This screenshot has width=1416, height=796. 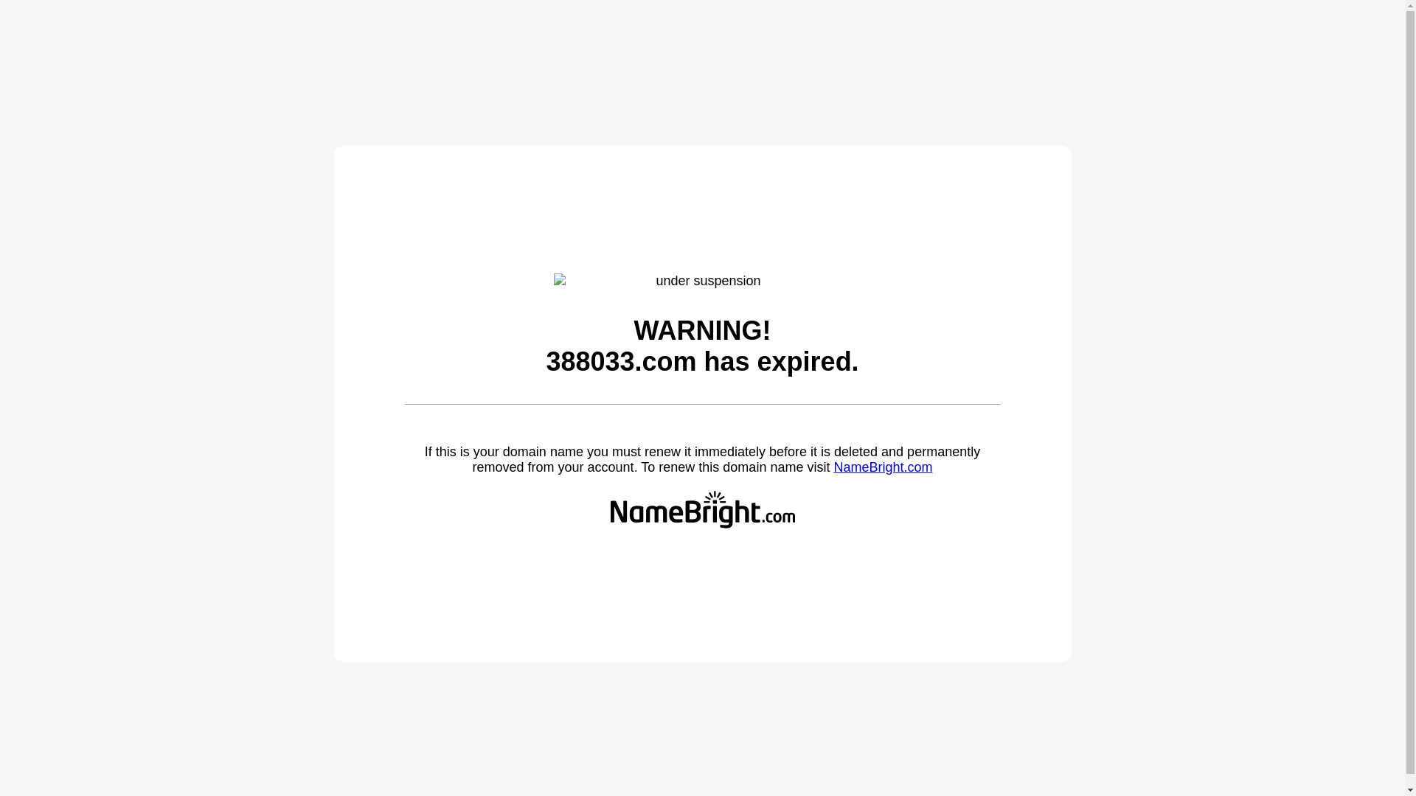 What do you see at coordinates (882, 467) in the screenshot?
I see `'NameBright.com'` at bounding box center [882, 467].